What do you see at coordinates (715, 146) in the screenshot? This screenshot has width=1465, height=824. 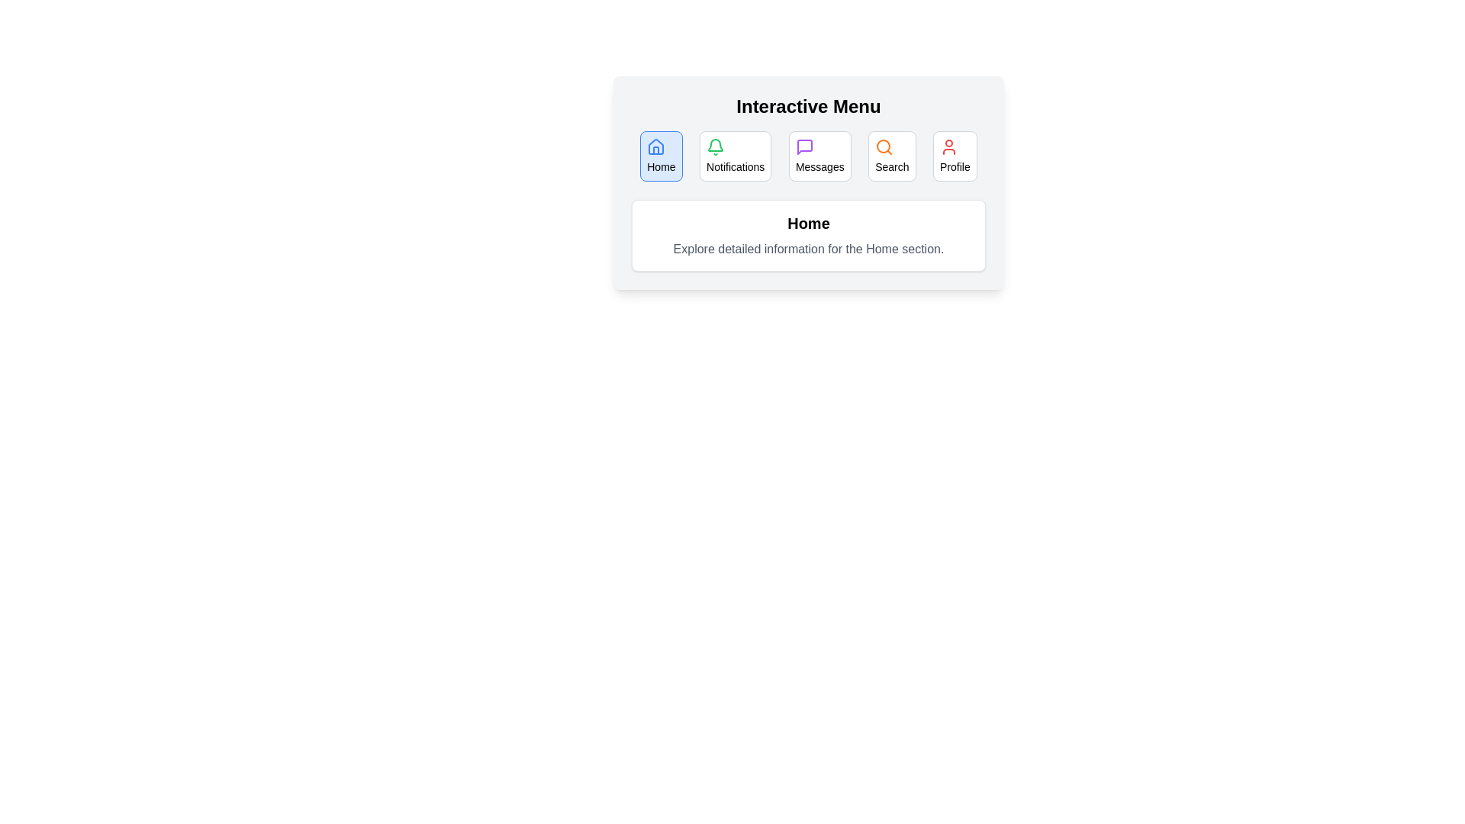 I see `the Notifications icon located in the top row of the interactive menu, which visually represents the notifications section` at bounding box center [715, 146].